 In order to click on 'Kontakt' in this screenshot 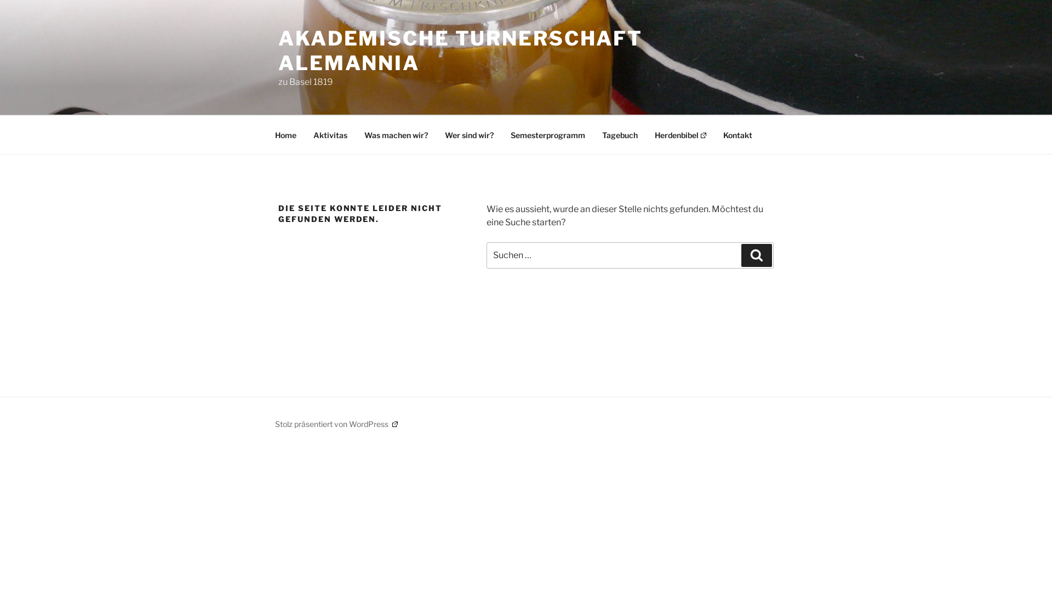, I will do `click(737, 134)`.